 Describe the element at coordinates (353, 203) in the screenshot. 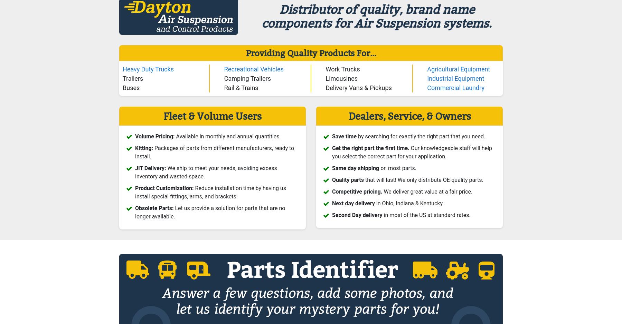

I see `'Next day delivery'` at that location.